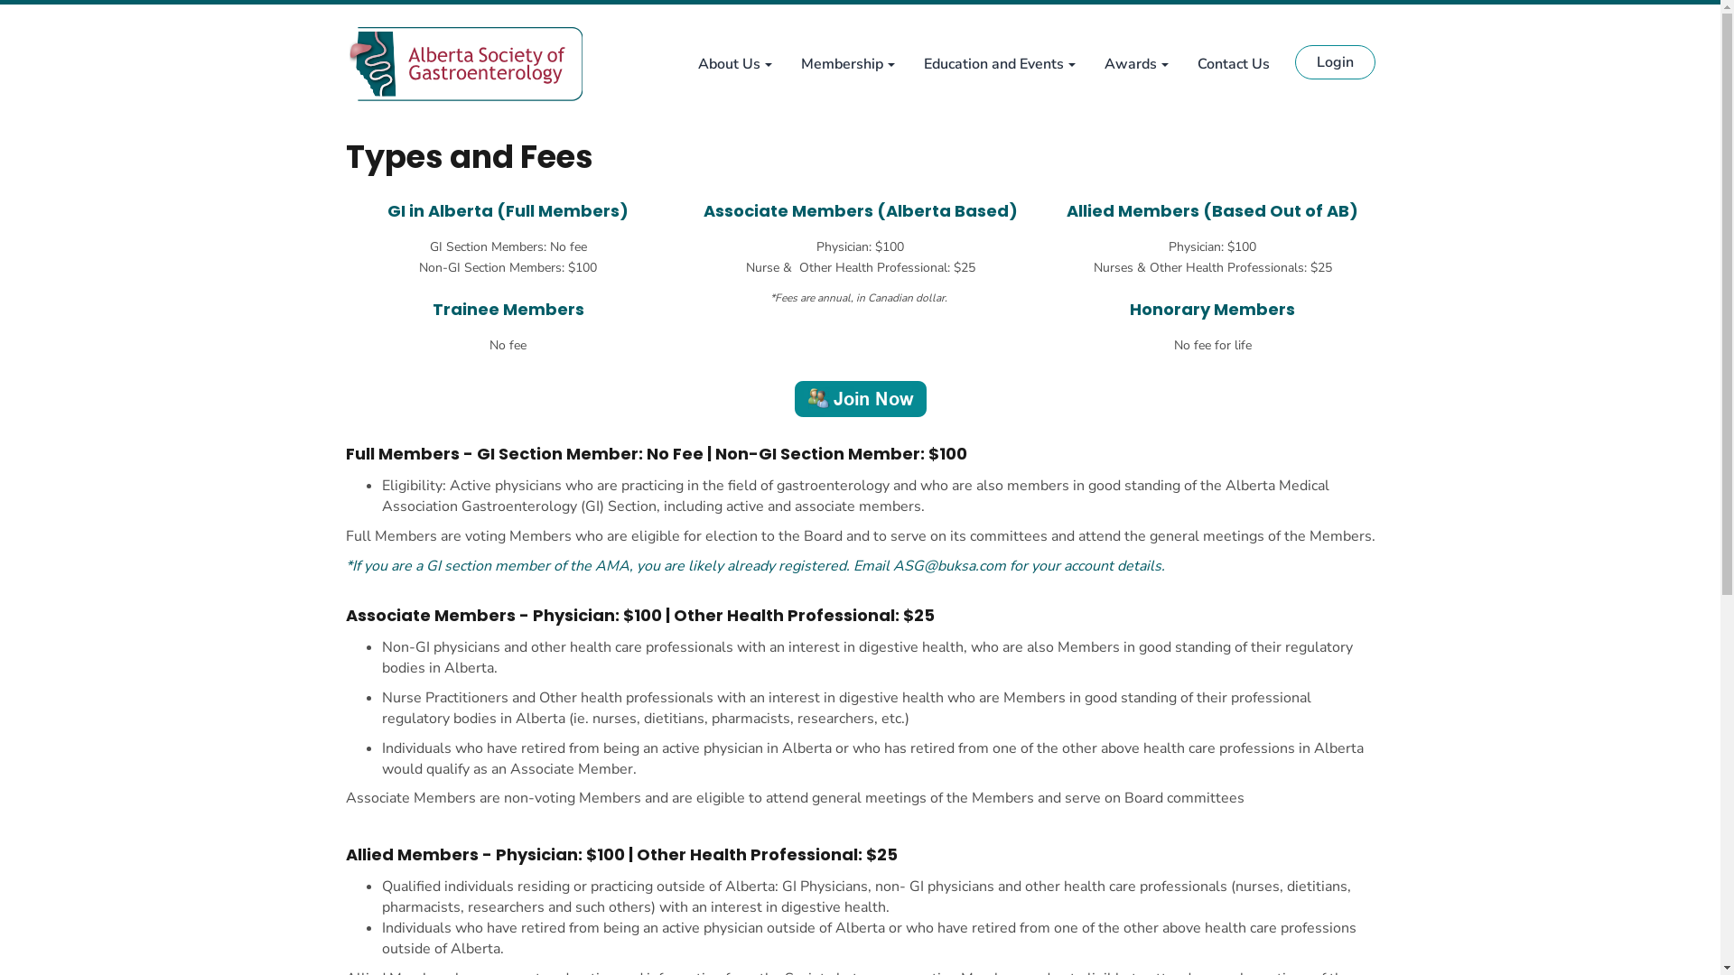 This screenshot has height=975, width=1734. What do you see at coordinates (1134, 62) in the screenshot?
I see `'Awards'` at bounding box center [1134, 62].